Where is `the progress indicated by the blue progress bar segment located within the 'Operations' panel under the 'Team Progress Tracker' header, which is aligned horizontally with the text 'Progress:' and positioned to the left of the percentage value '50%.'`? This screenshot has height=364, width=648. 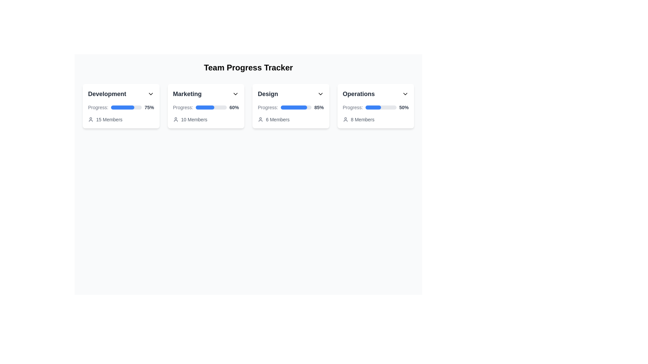
the progress indicated by the blue progress bar segment located within the 'Operations' panel under the 'Team Progress Tracker' header, which is aligned horizontally with the text 'Progress:' and positioned to the left of the percentage value '50%.' is located at coordinates (373, 107).